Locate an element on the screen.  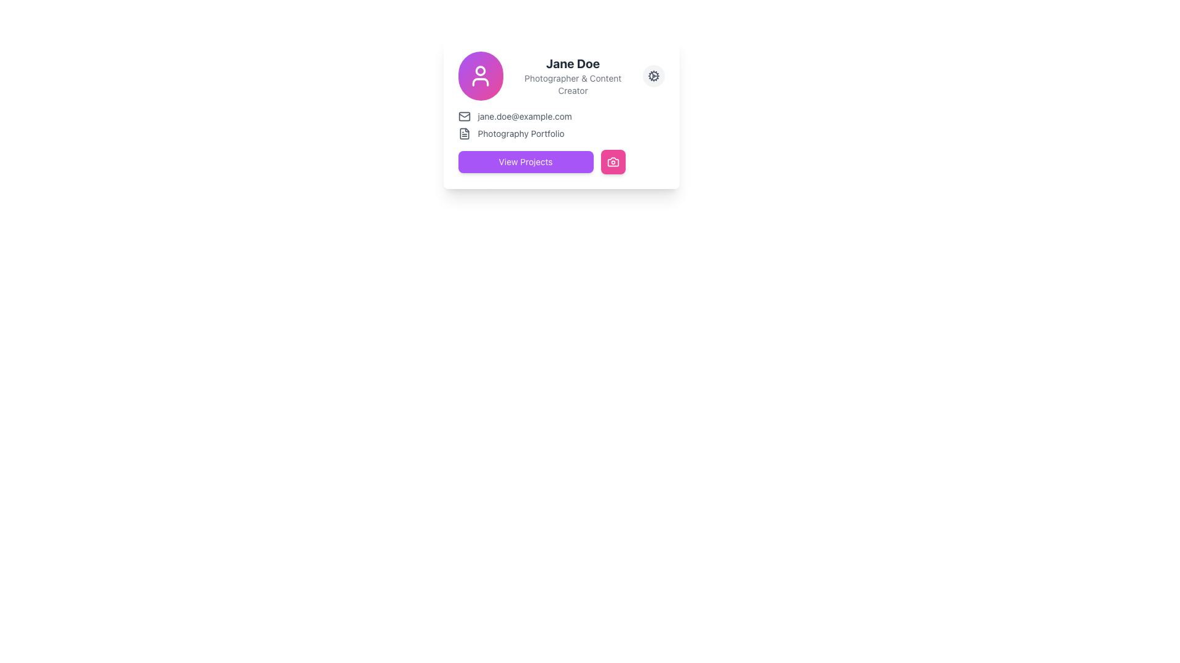
SVG circle element that is part of the user profile icon located at the center of the avatar icon in the header section of the profile card is located at coordinates (480, 71).